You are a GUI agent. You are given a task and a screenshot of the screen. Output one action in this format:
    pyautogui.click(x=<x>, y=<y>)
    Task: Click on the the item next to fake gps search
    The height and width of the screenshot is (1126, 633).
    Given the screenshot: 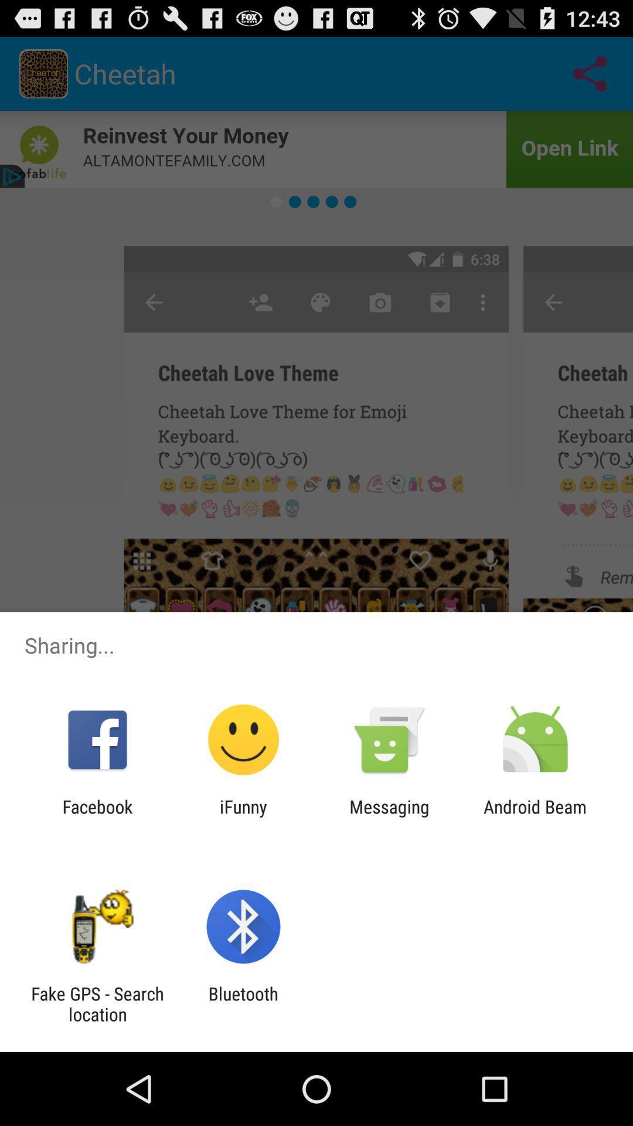 What is the action you would take?
    pyautogui.click(x=243, y=1003)
    